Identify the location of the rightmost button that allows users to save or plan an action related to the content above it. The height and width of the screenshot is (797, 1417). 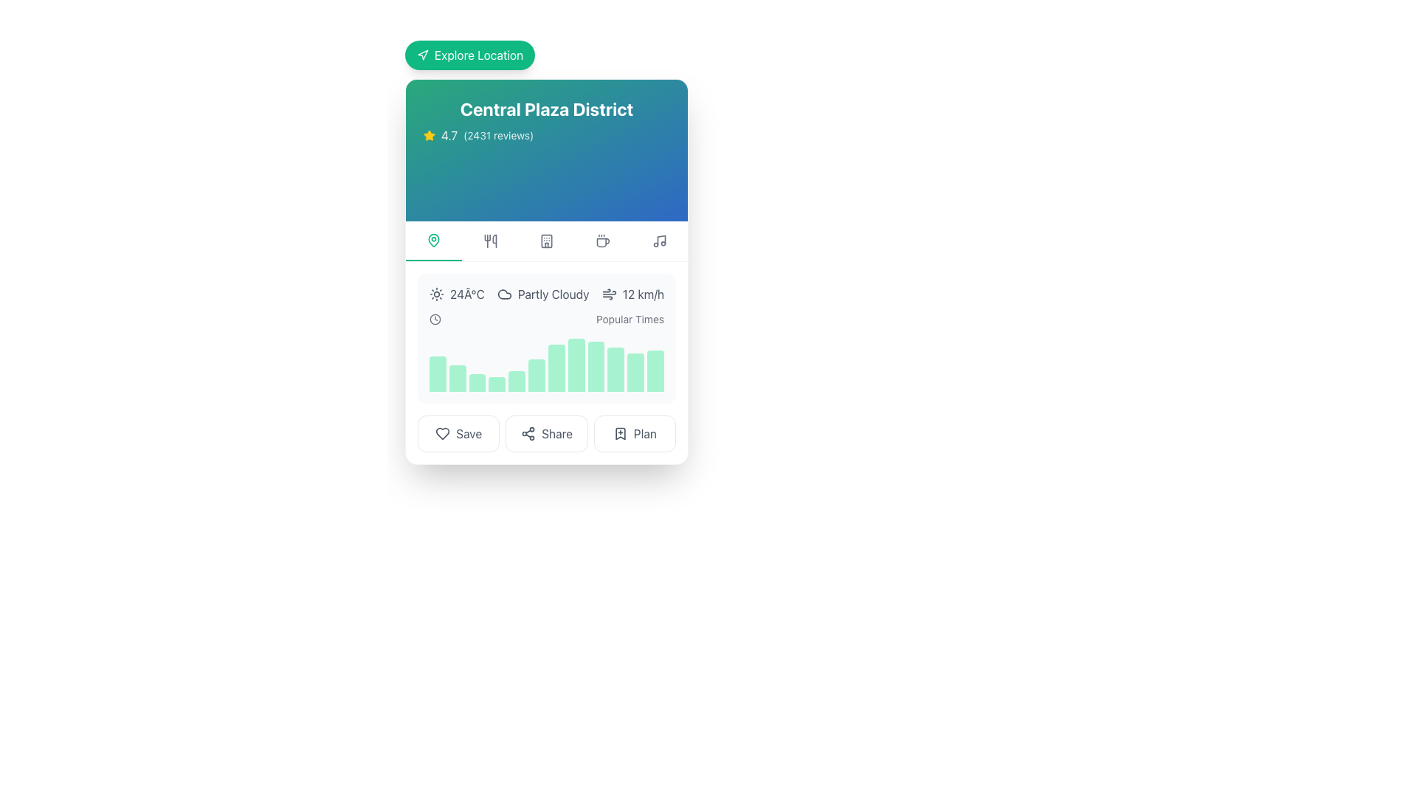
(635, 432).